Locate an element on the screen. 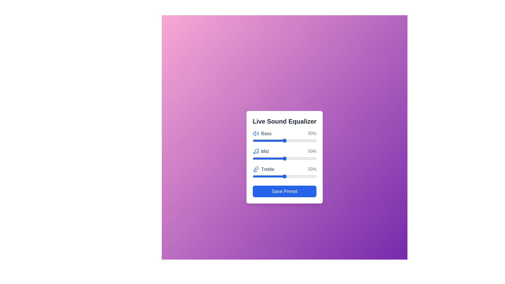  the Treble slider to 55% is located at coordinates (287, 176).